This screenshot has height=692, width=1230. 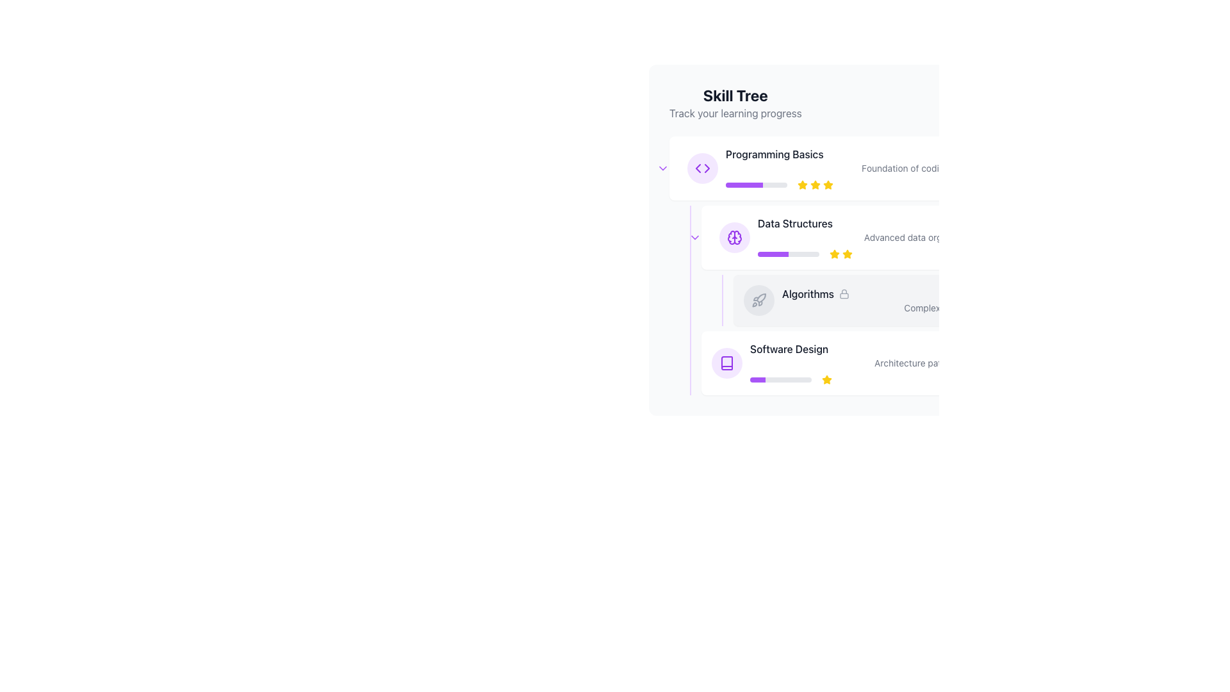 What do you see at coordinates (905, 185) in the screenshot?
I see `the progress bar and rating indicators, which include a purple progress bar at 60% and three yellow stars for rating, located under the 'Programming Basics' text` at bounding box center [905, 185].